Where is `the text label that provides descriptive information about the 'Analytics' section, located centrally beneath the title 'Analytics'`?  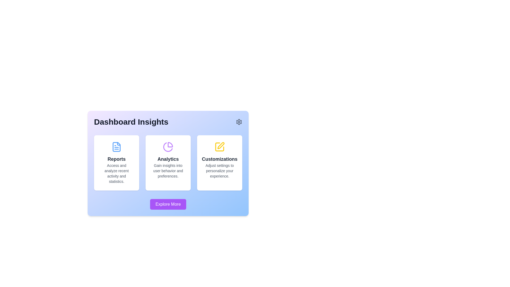 the text label that provides descriptive information about the 'Analytics' section, located centrally beneath the title 'Analytics' is located at coordinates (168, 171).